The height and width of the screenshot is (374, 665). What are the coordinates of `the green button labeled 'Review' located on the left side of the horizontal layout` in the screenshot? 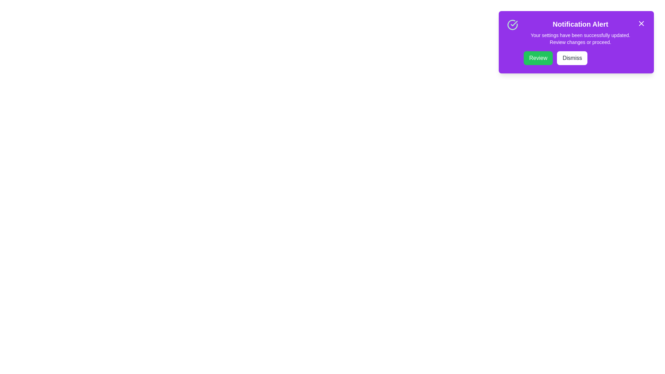 It's located at (538, 58).